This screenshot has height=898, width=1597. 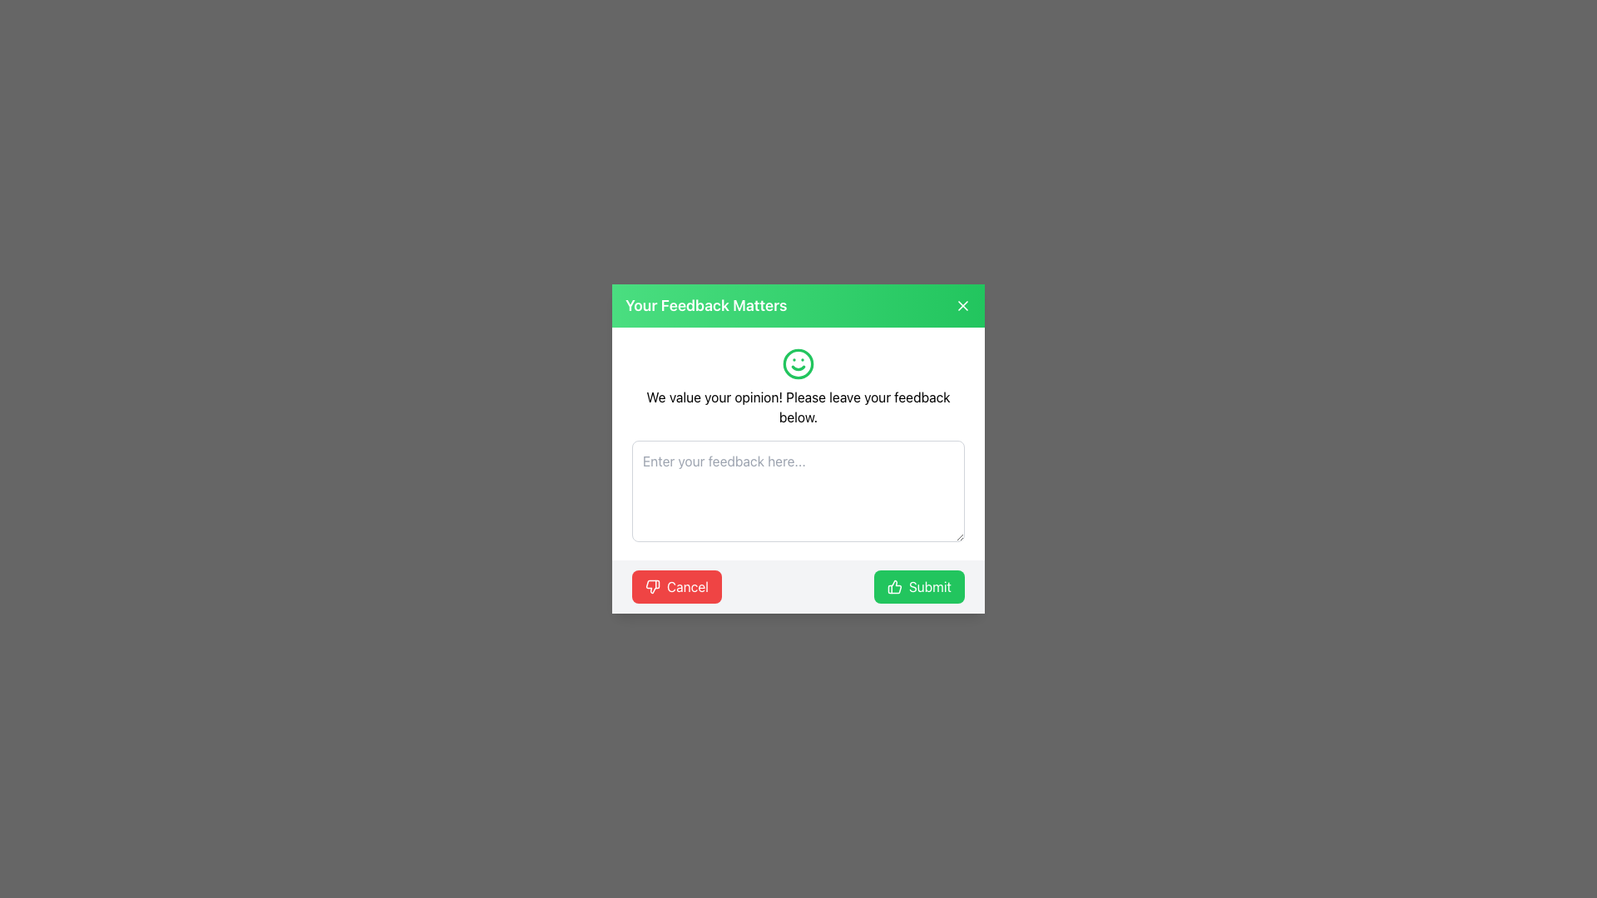 I want to click on the 'Cancel' icon, so click(x=652, y=585).